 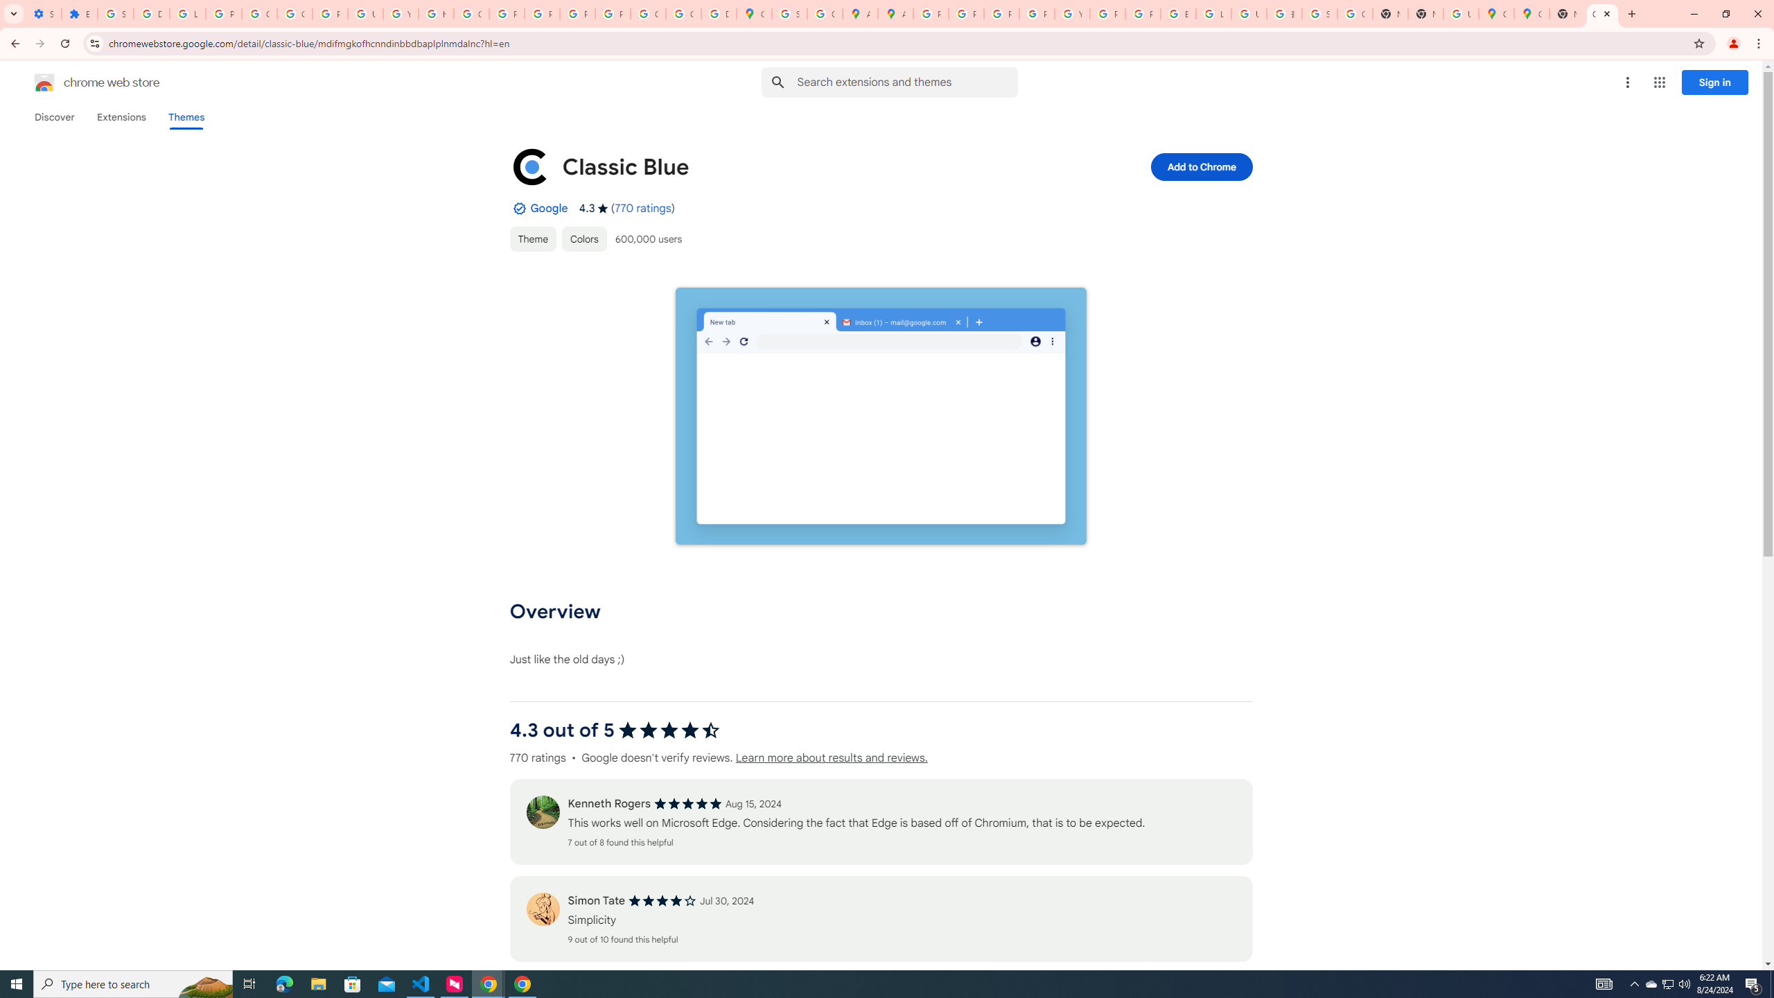 I want to click on 'YouTube', so click(x=399, y=13).